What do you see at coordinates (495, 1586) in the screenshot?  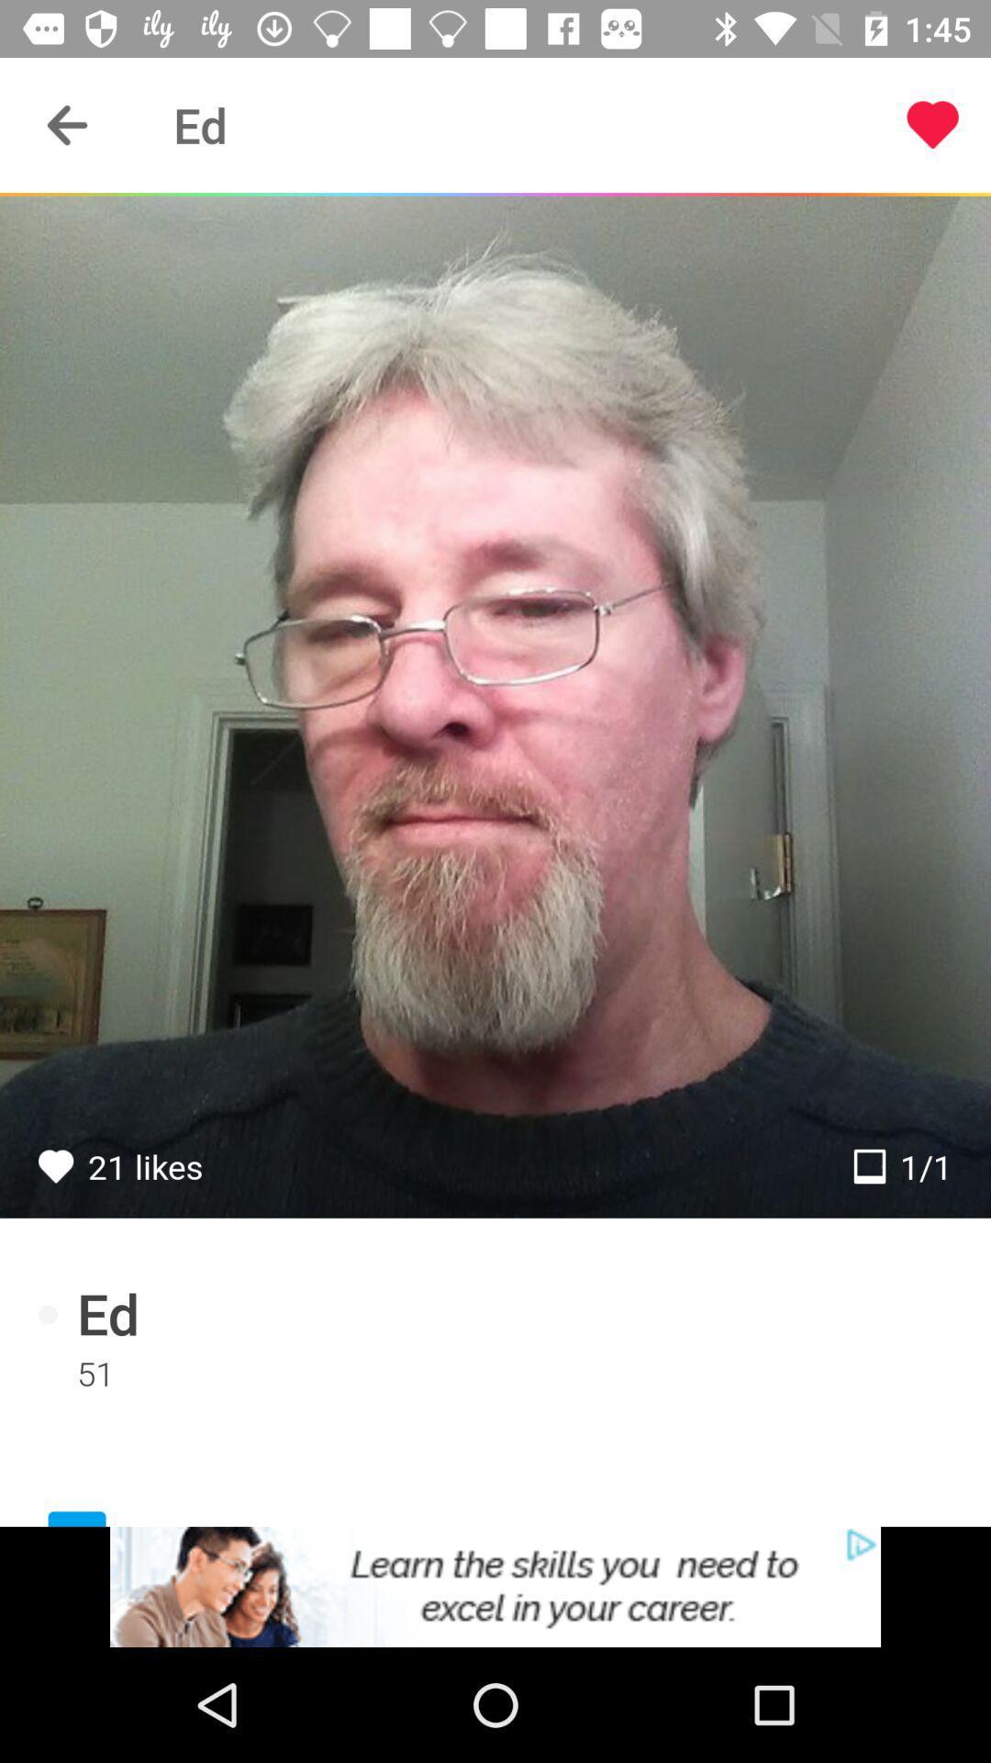 I see `advertisement` at bounding box center [495, 1586].